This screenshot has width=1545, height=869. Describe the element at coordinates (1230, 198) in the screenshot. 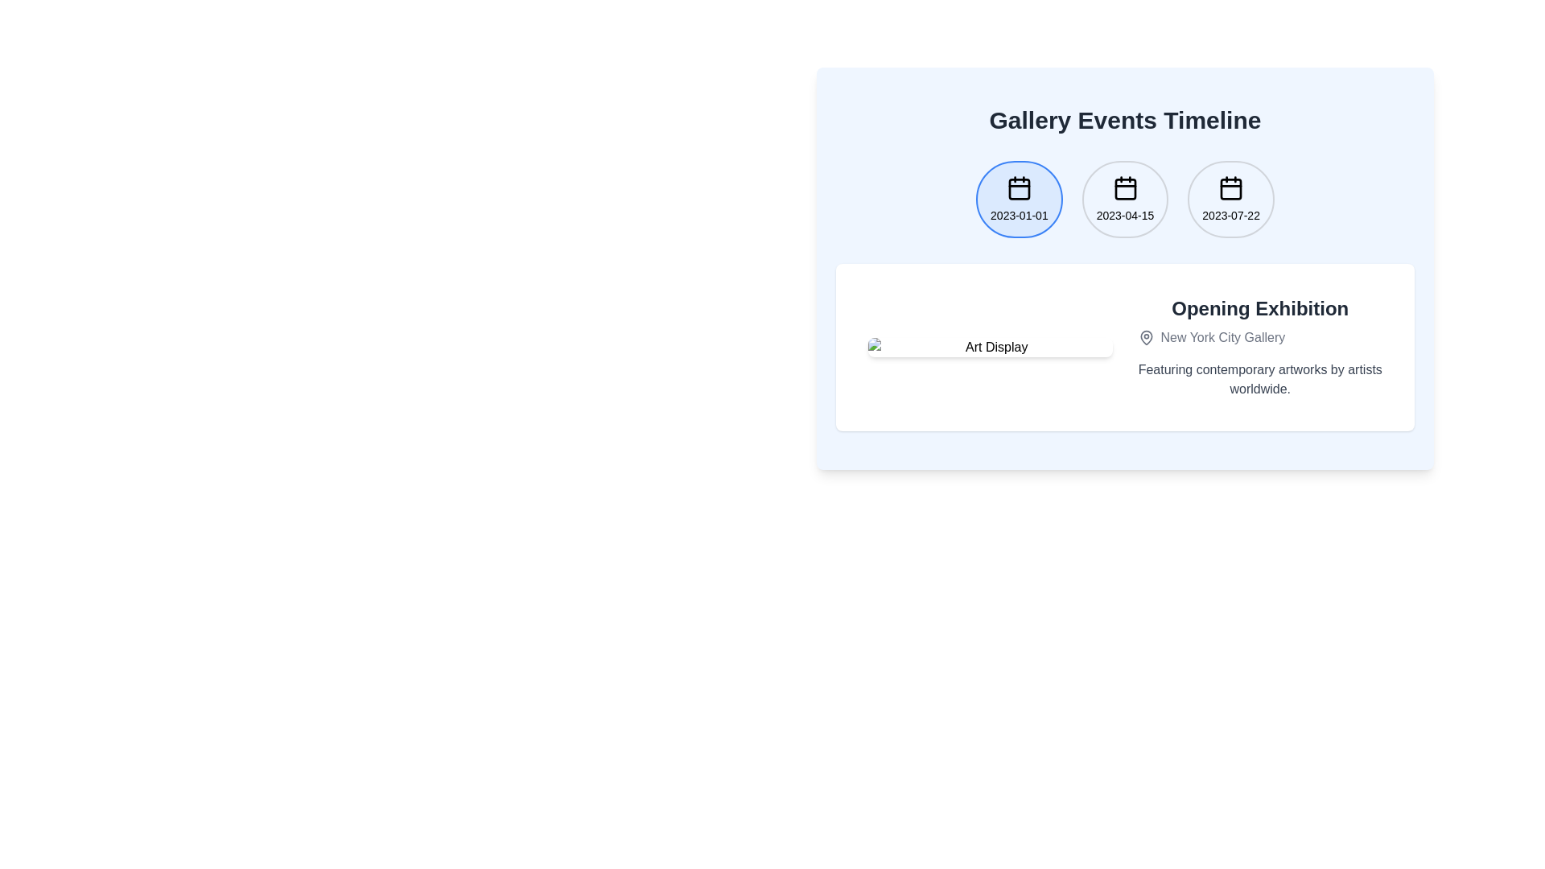

I see `the date selector button in the 'Gallery Events Timeline' section` at that location.